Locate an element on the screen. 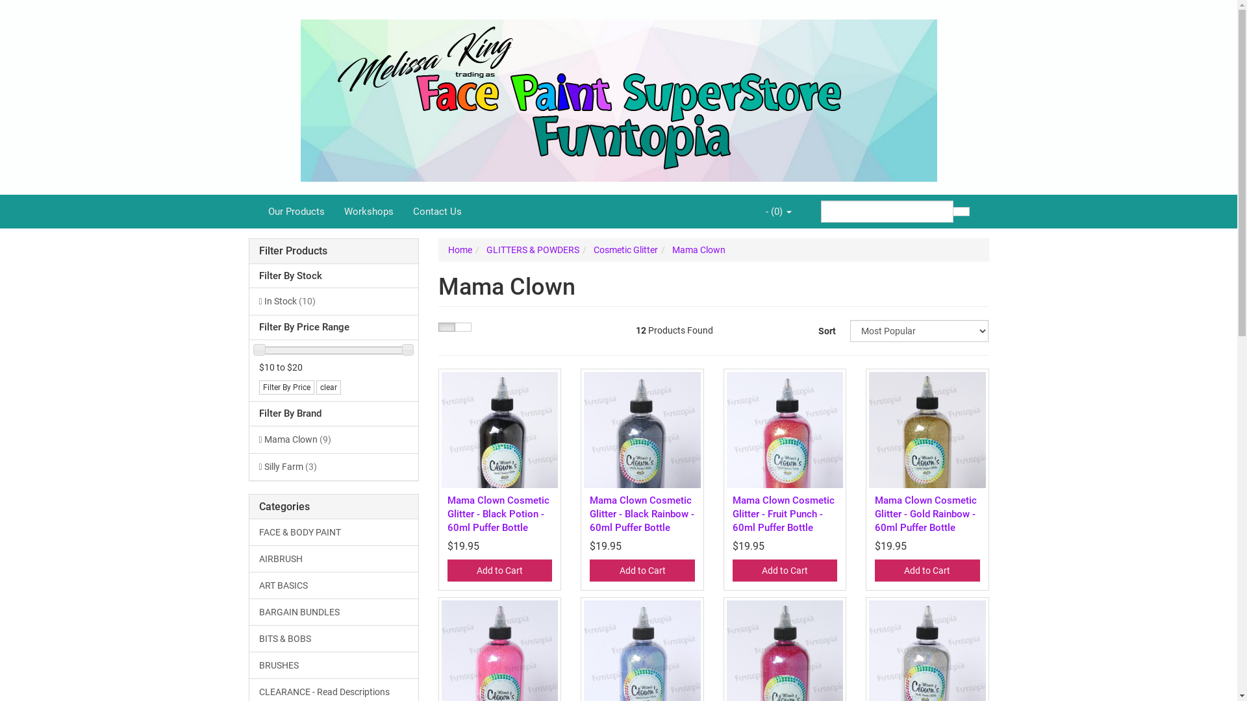 Image resolution: width=1247 pixels, height=701 pixels. '- (0)' is located at coordinates (779, 211).